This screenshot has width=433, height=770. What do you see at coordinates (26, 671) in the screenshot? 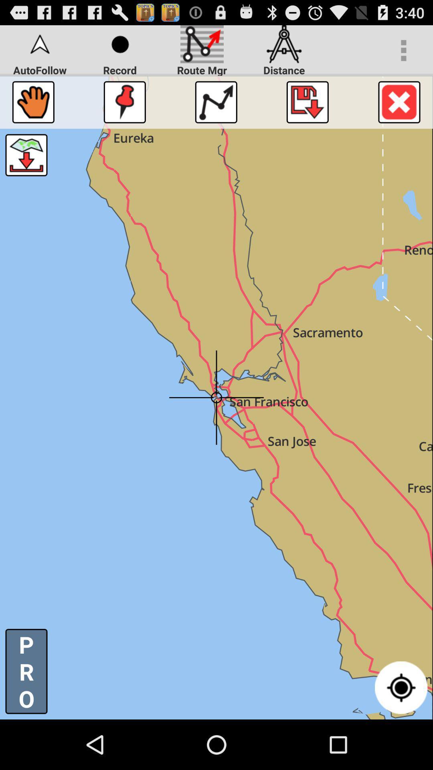
I see `the p` at bounding box center [26, 671].